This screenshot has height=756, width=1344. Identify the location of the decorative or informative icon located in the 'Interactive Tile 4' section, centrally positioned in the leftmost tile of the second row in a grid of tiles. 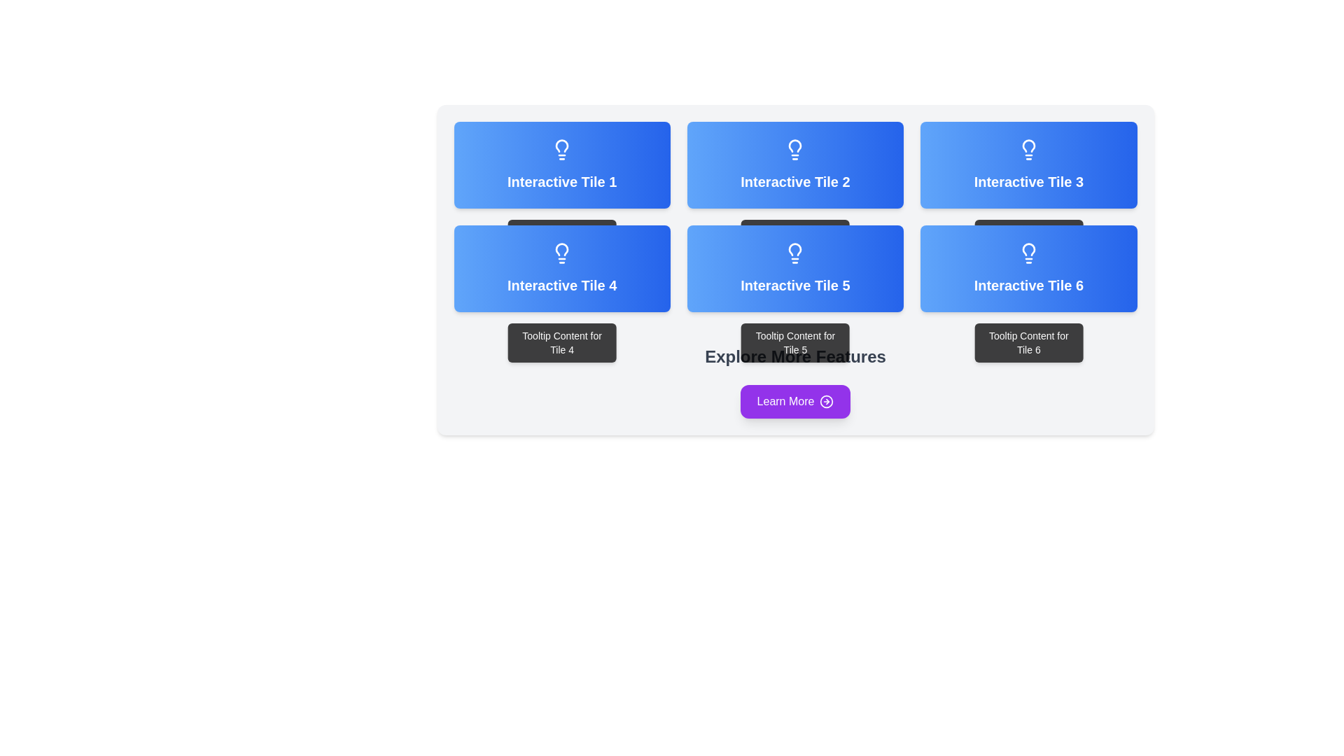
(562, 248).